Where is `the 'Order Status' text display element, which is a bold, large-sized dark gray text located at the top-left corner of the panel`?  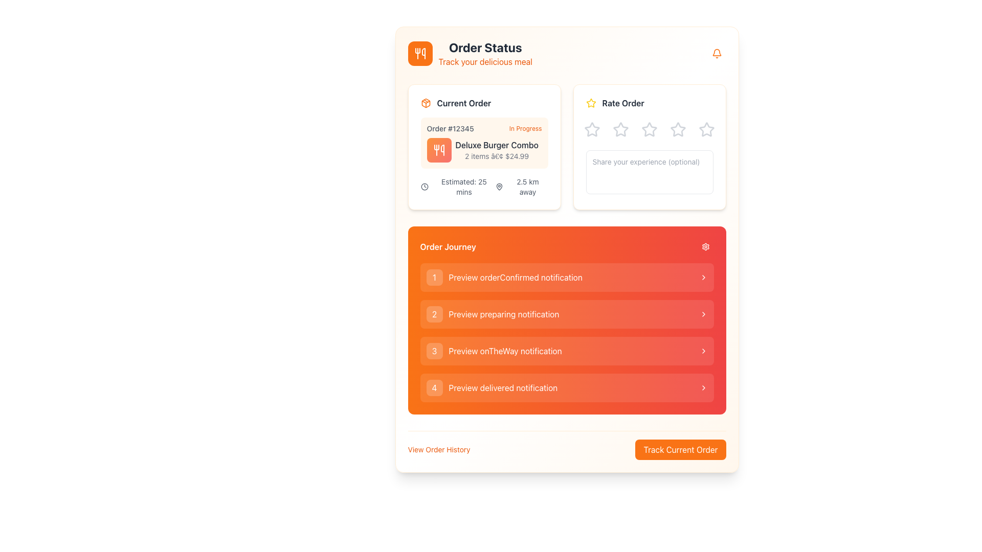
the 'Order Status' text display element, which is a bold, large-sized dark gray text located at the top-left corner of the panel is located at coordinates (485, 47).